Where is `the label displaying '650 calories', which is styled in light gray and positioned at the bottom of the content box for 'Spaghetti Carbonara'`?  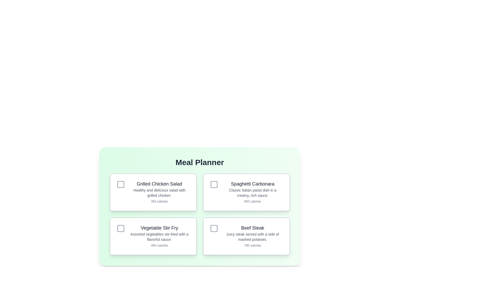 the label displaying '650 calories', which is styled in light gray and positioned at the bottom of the content box for 'Spaghetti Carbonara' is located at coordinates (253, 201).